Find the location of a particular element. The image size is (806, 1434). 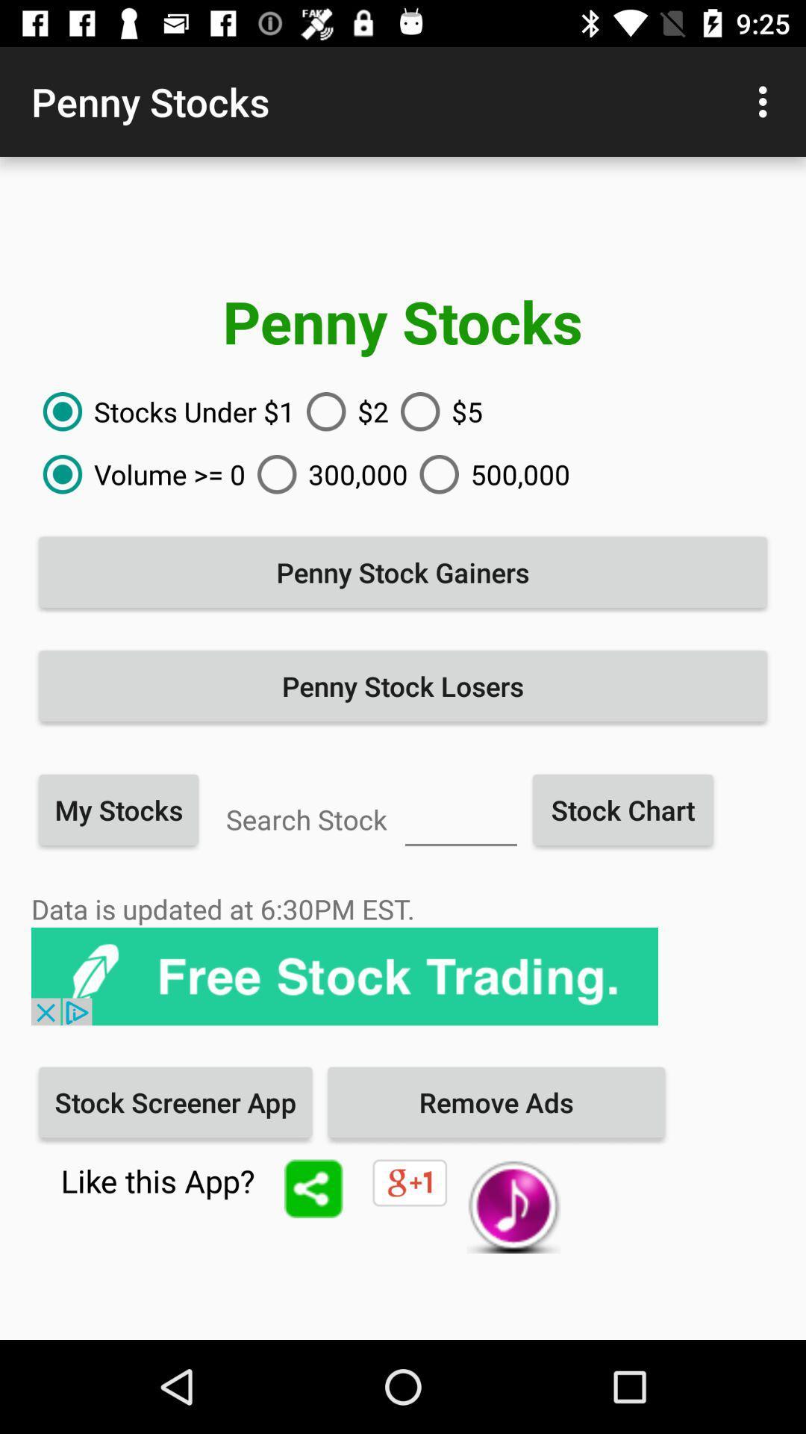

icon above 300,000 icon is located at coordinates (342, 412).